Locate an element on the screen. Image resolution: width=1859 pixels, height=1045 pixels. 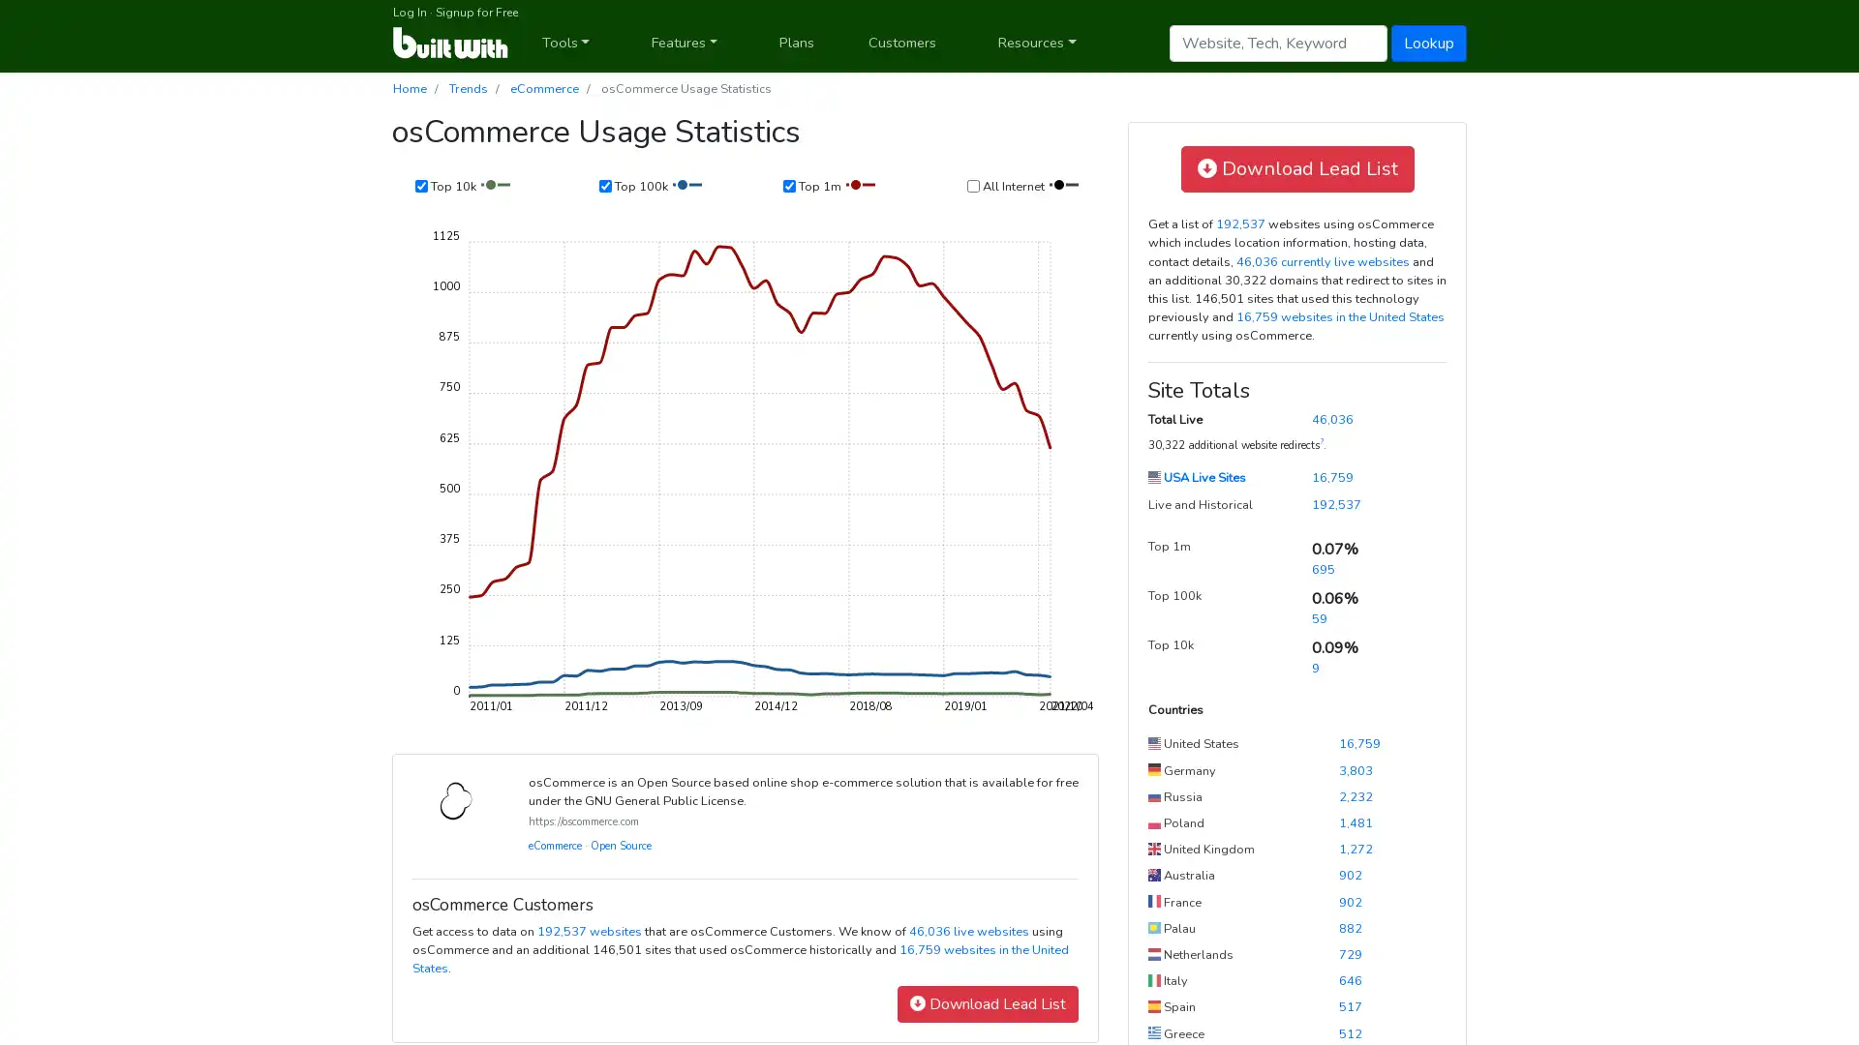
Lookup is located at coordinates (1429, 42).